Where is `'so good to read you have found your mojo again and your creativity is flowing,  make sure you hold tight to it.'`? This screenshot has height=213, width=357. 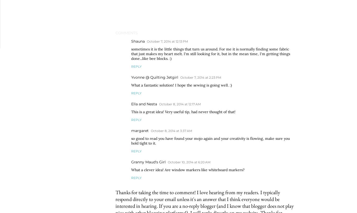
'so good to read you have found your mojo again and your creativity is flowing,  make sure you hold tight to it.' is located at coordinates (131, 141).